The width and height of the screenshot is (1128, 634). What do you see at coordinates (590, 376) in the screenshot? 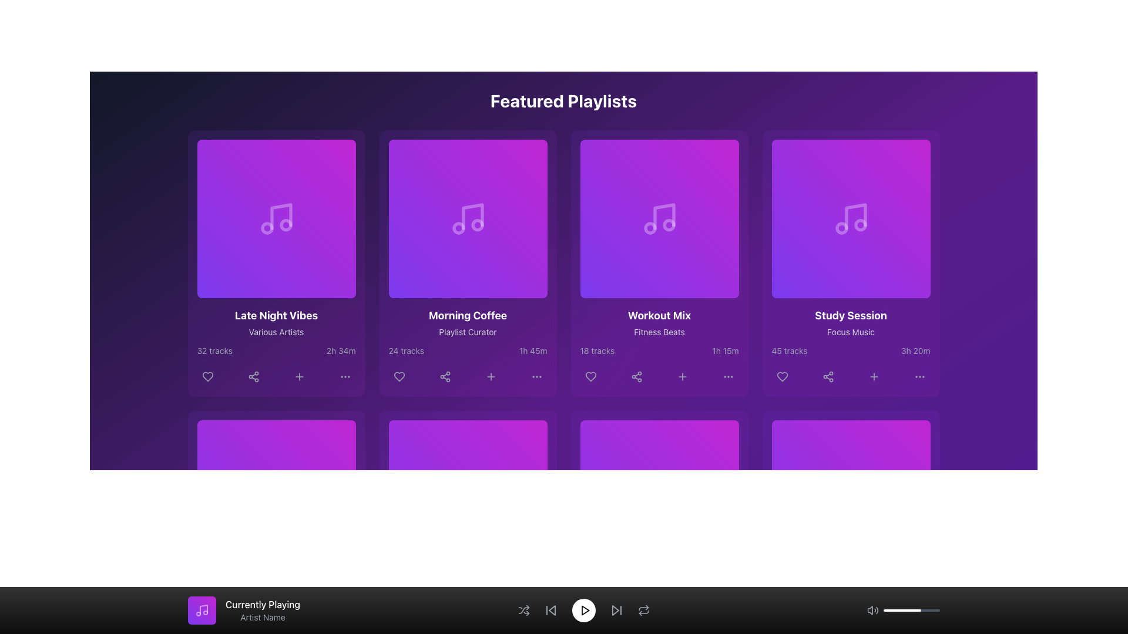
I see `the heart-shaped button icon beneath the 'Workout Mix' playlist` at bounding box center [590, 376].